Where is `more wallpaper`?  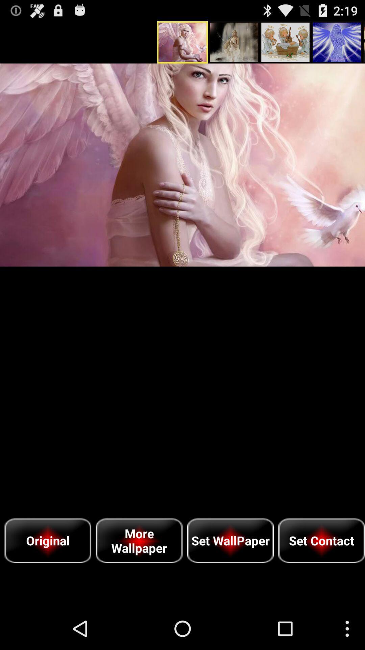 more wallpaper is located at coordinates (139, 540).